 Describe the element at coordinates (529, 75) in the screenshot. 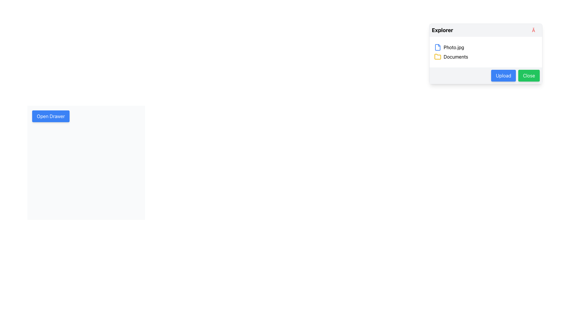

I see `the second button in the horizontal alignment of buttons, located to the right of the blue 'Upload' button` at that location.